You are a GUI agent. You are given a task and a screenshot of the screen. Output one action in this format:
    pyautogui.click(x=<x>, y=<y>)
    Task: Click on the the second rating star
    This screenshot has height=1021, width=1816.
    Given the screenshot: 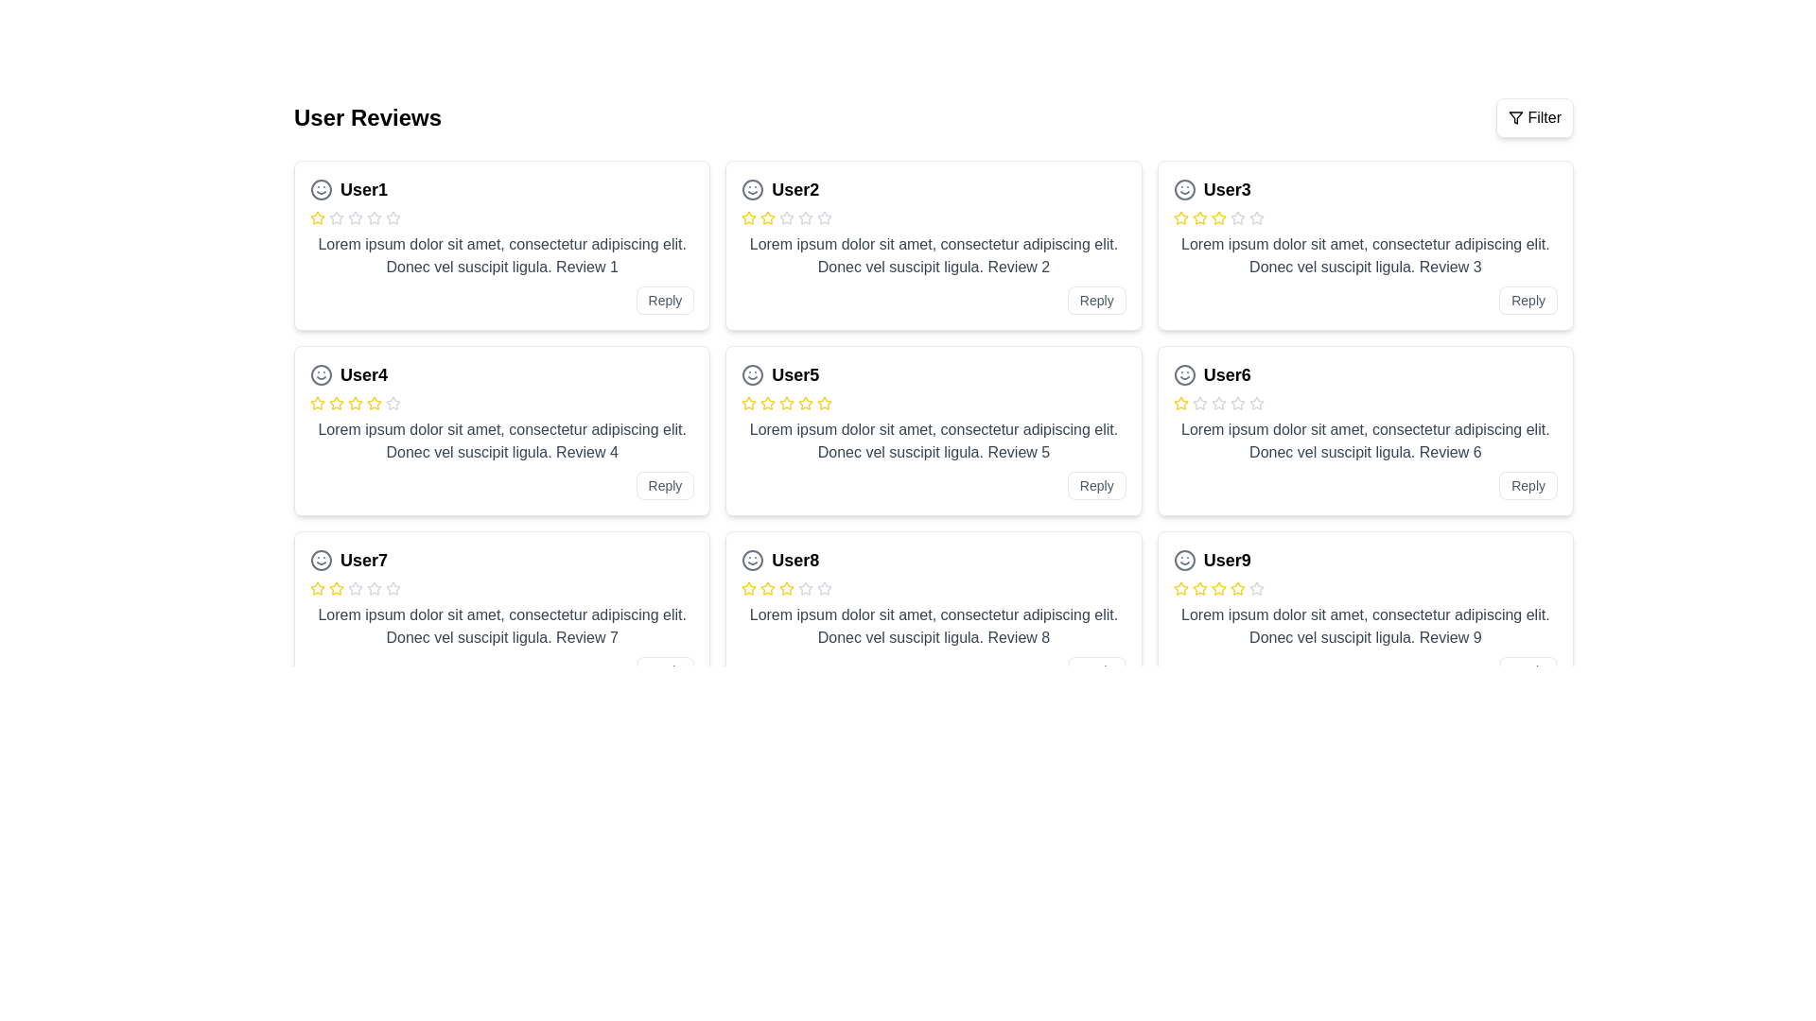 What is the action you would take?
    pyautogui.click(x=767, y=216)
    